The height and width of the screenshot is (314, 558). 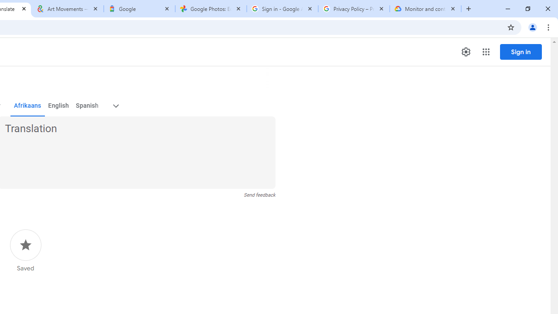 What do you see at coordinates (259, 195) in the screenshot?
I see `'Send feedback'` at bounding box center [259, 195].